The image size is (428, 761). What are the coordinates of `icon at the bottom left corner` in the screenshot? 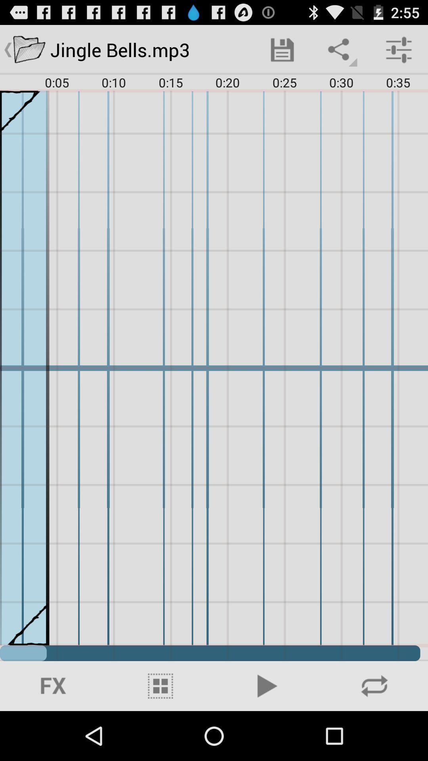 It's located at (53, 686).